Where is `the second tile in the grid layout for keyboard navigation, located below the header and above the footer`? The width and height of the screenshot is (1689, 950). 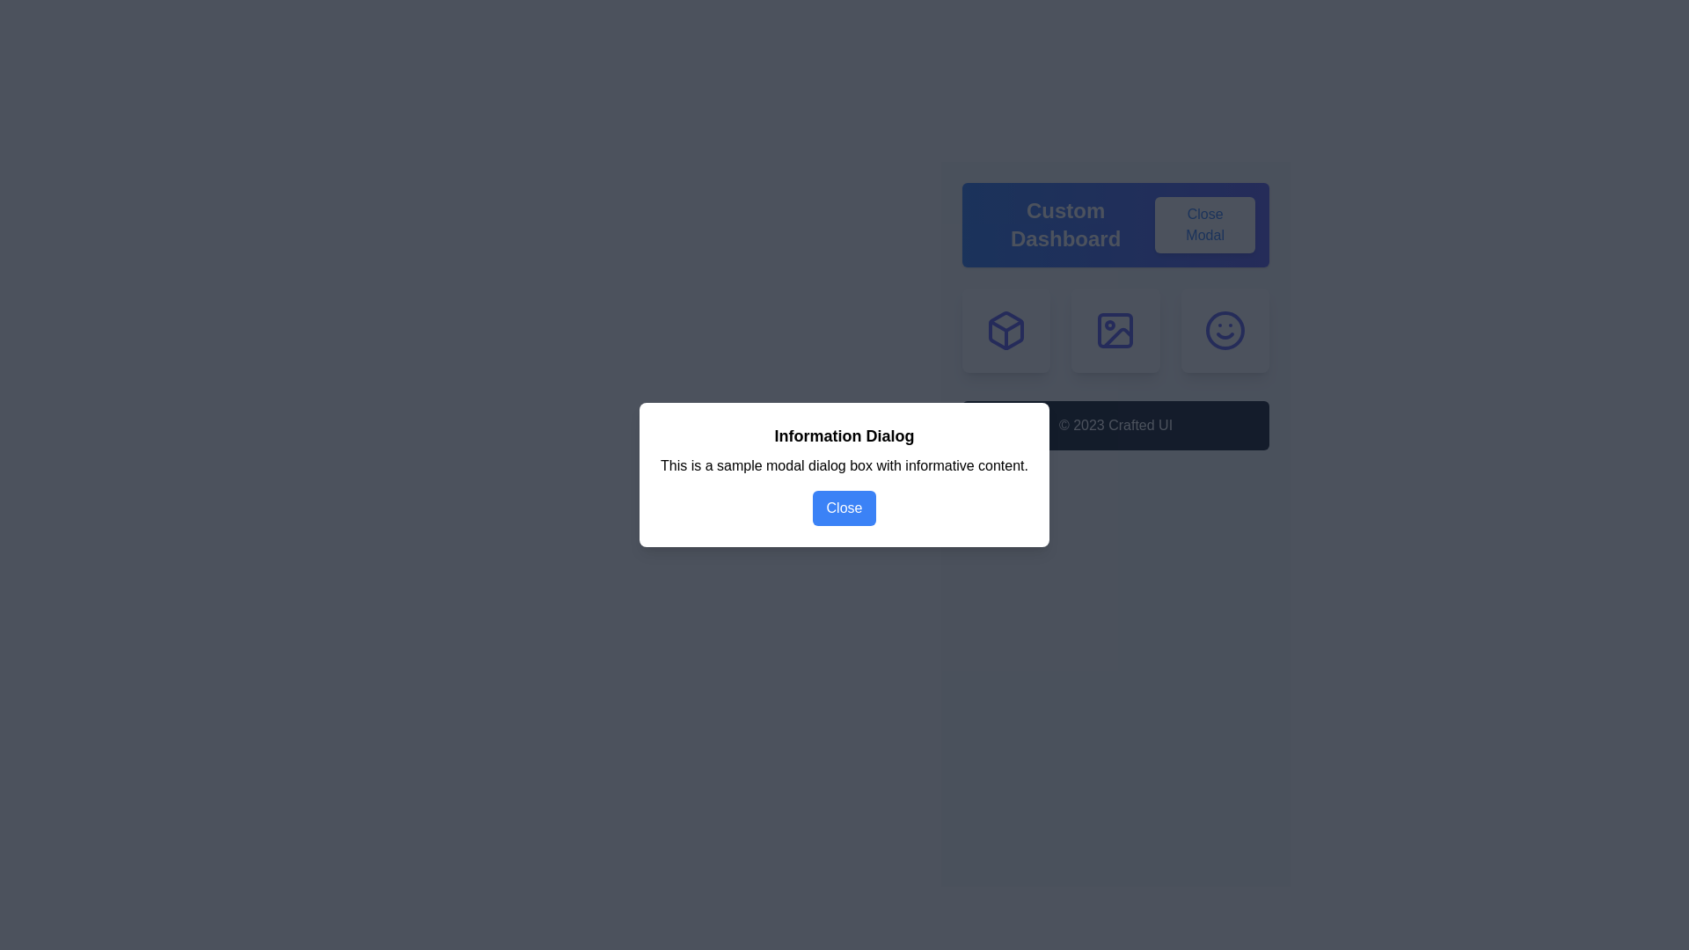 the second tile in the grid layout for keyboard navigation, located below the header and above the footer is located at coordinates (1115, 330).